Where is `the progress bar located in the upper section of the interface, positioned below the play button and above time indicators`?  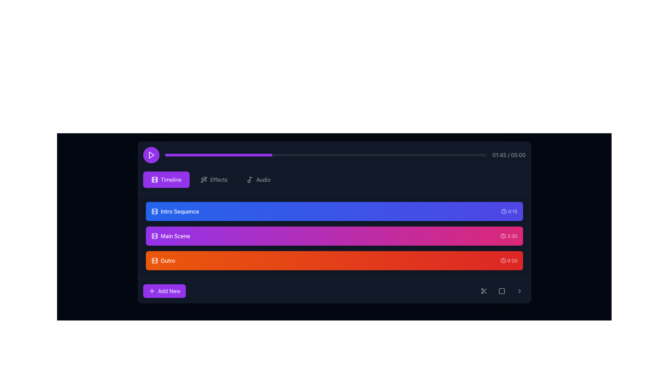 the progress bar located in the upper section of the interface, positioned below the play button and above time indicators is located at coordinates (325, 155).